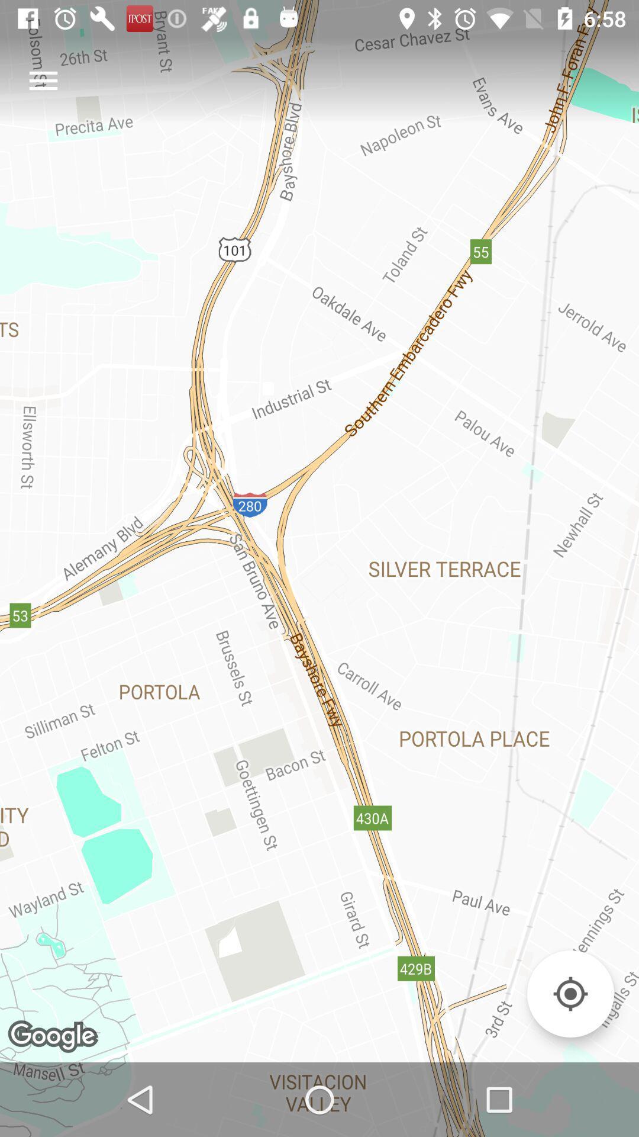  Describe the element at coordinates (570, 994) in the screenshot. I see `the location_crosshair icon` at that location.